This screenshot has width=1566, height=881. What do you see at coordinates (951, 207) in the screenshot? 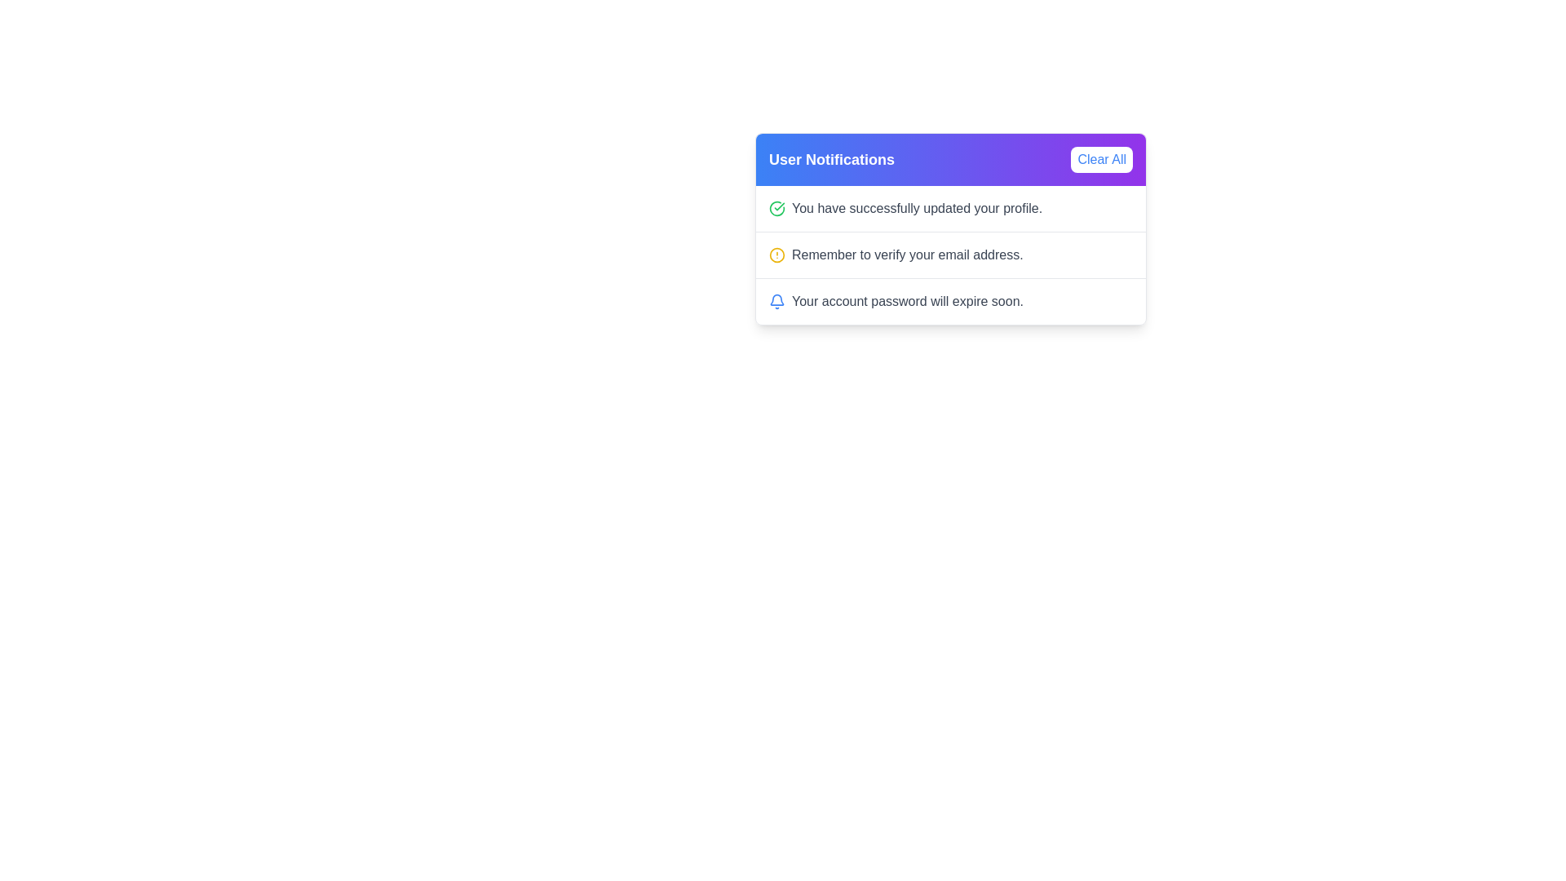
I see `the Notification panel that contains a green checkmark icon and the text 'You have successfully updated your profile.'` at bounding box center [951, 207].